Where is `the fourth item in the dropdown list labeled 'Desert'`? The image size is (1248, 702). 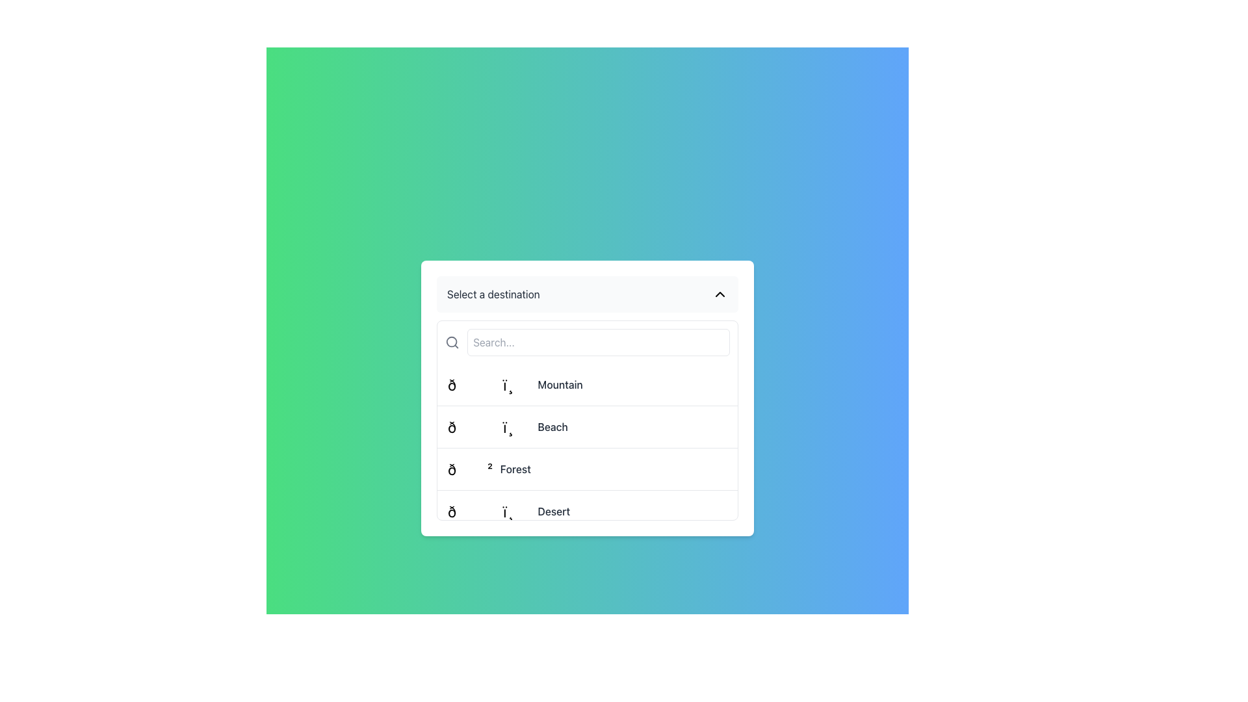 the fourth item in the dropdown list labeled 'Desert' is located at coordinates (586, 510).